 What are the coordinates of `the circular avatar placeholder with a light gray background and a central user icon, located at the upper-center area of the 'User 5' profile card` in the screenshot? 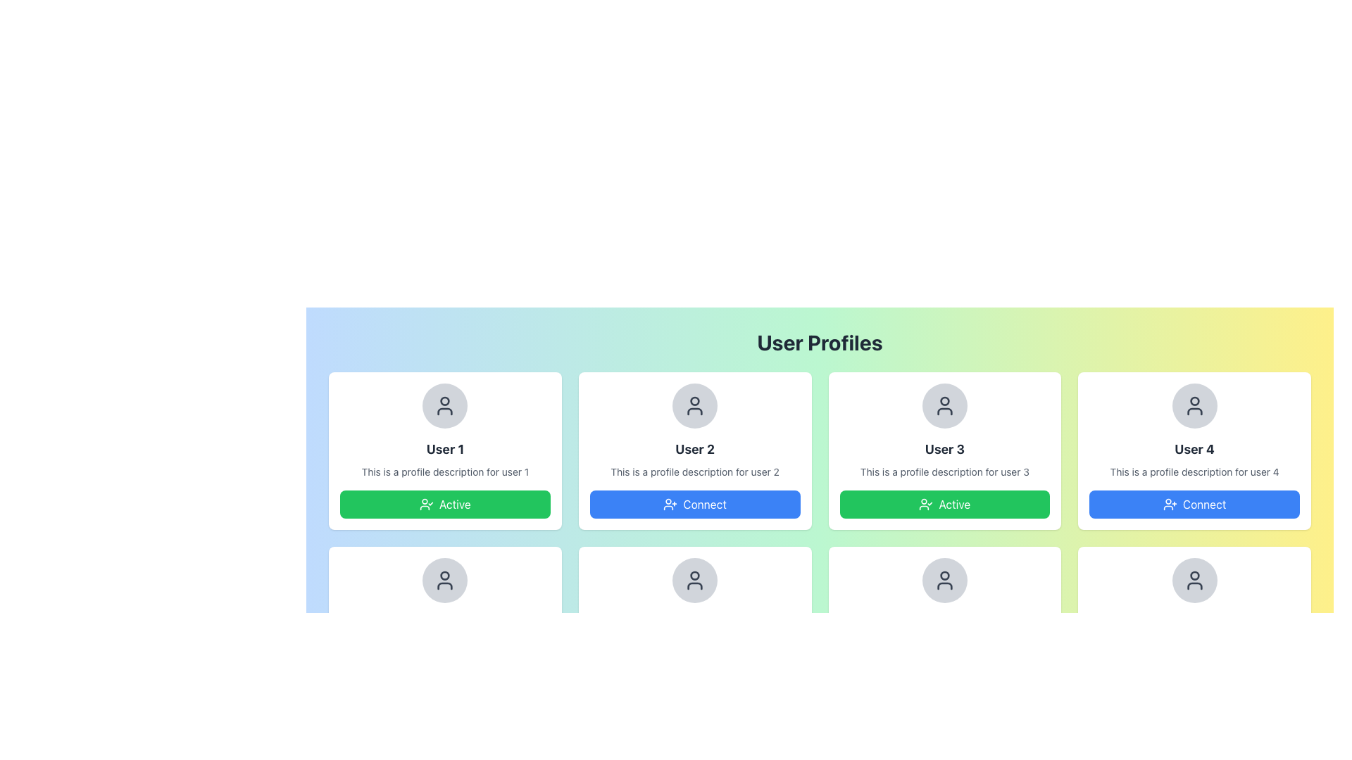 It's located at (444, 581).